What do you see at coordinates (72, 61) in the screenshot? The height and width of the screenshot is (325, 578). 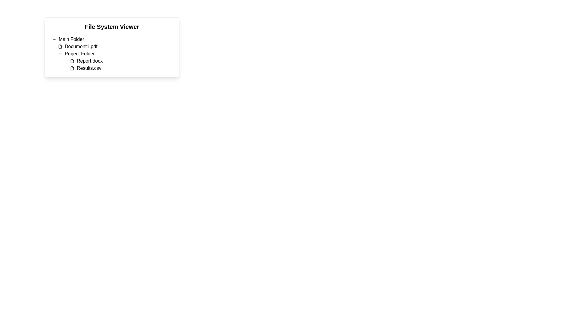 I see `the black file icon, which is positioned to the left of the text 'Report.docx'` at bounding box center [72, 61].